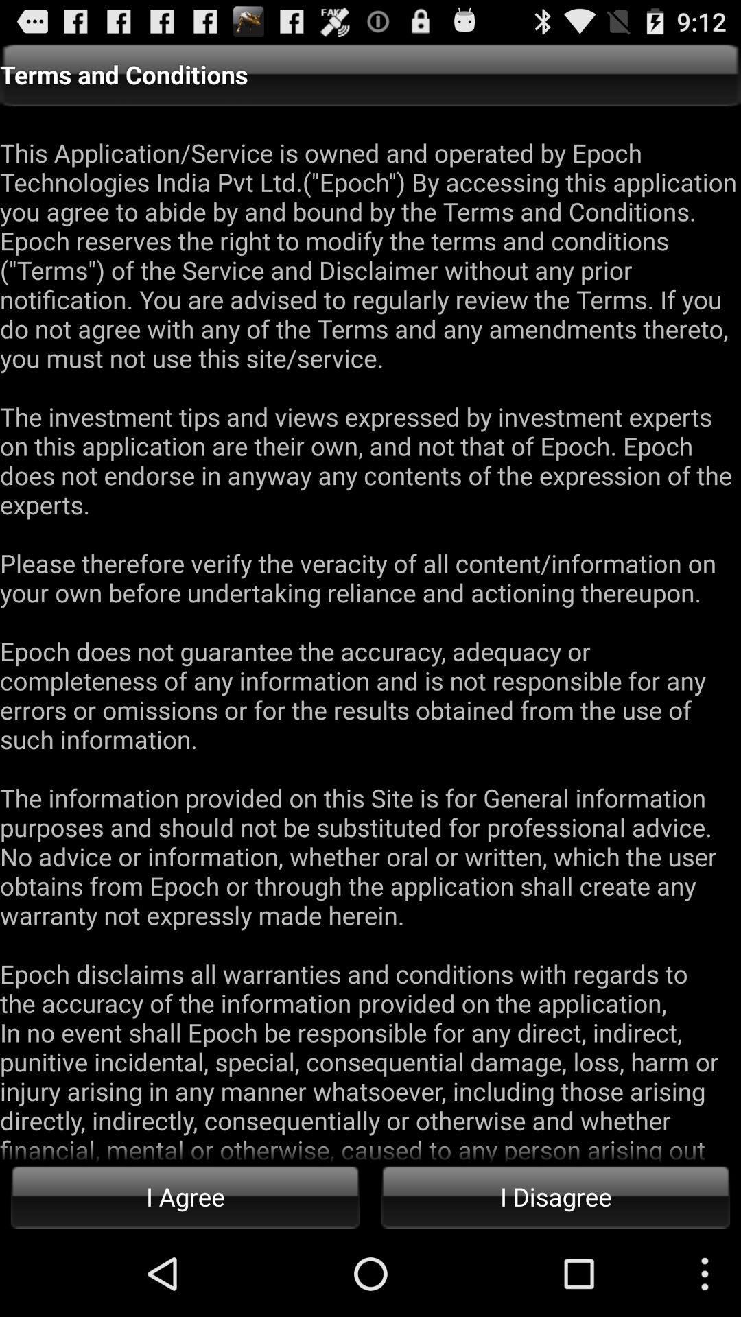 The width and height of the screenshot is (741, 1317). What do you see at coordinates (556, 1196) in the screenshot?
I see `the item below the this application service` at bounding box center [556, 1196].